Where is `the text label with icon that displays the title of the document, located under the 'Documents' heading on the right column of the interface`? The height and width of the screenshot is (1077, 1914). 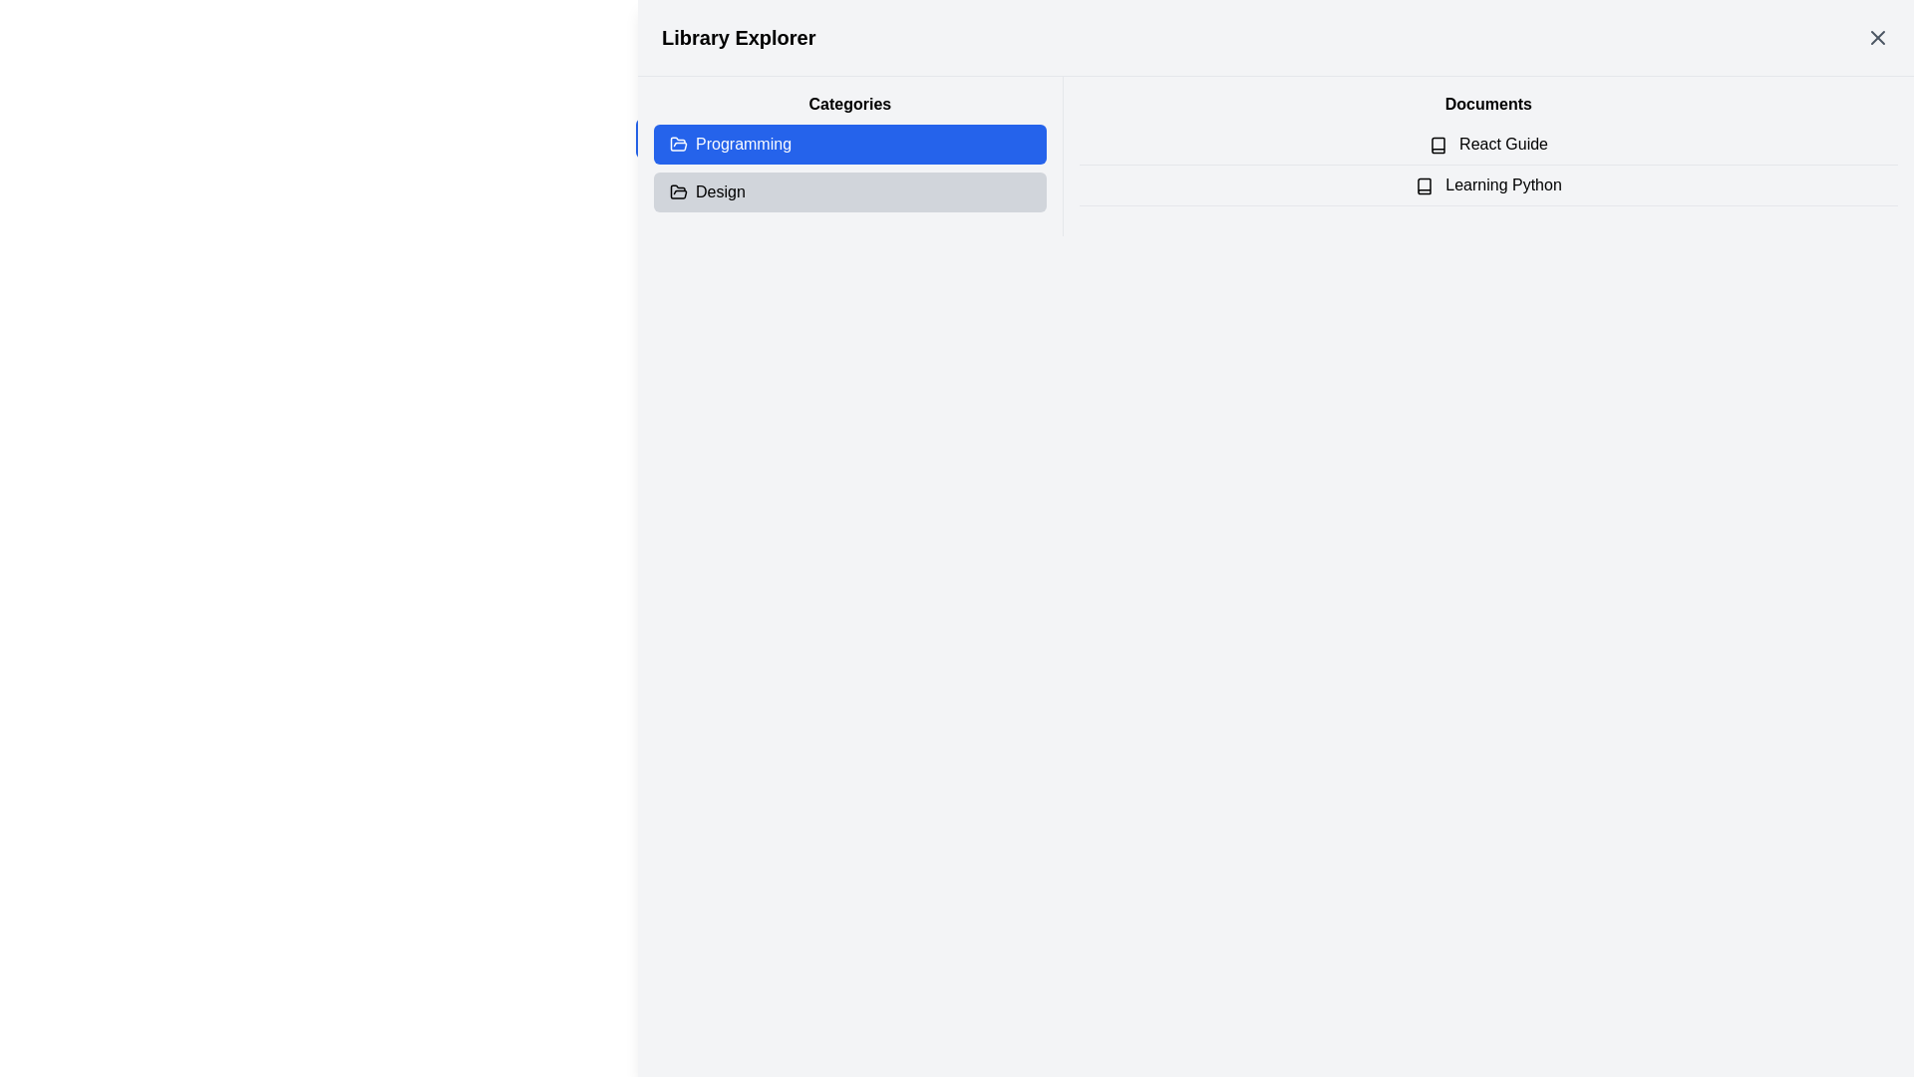 the text label with icon that displays the title of the document, located under the 'Documents' heading on the right column of the interface is located at coordinates (1488, 144).